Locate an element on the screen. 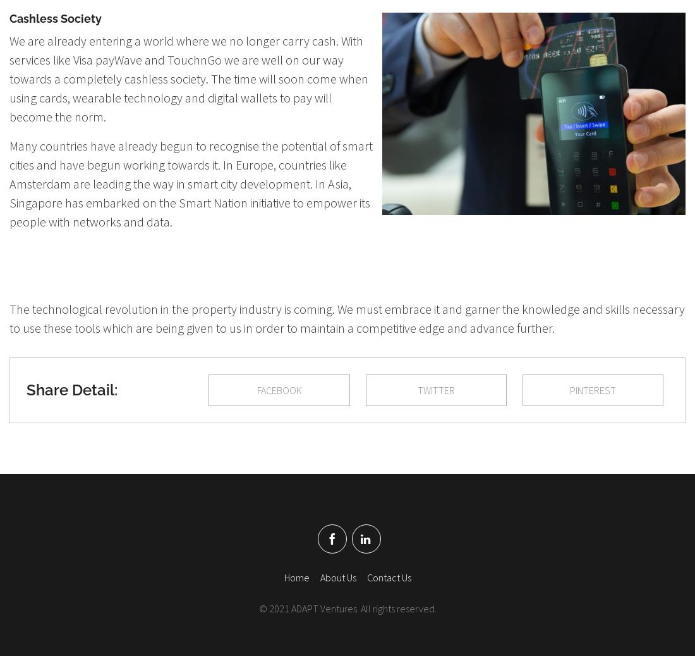 The height and width of the screenshot is (656, 695). 'Many countries have already begun to recognise the potential of smart cities and have begun working towards it. In Europe, countries like Amsterdam are leading the way in smart city development. In Asia, Singapore has embarked on the Smart Nation initiative to empower its people with networks and data.' is located at coordinates (190, 182).